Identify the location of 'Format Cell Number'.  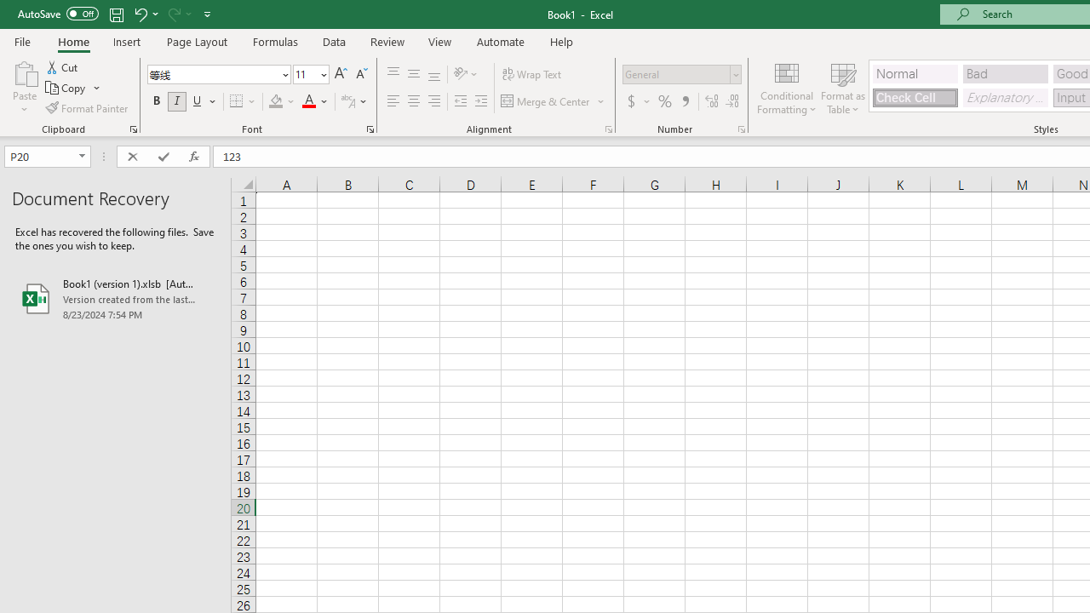
(742, 128).